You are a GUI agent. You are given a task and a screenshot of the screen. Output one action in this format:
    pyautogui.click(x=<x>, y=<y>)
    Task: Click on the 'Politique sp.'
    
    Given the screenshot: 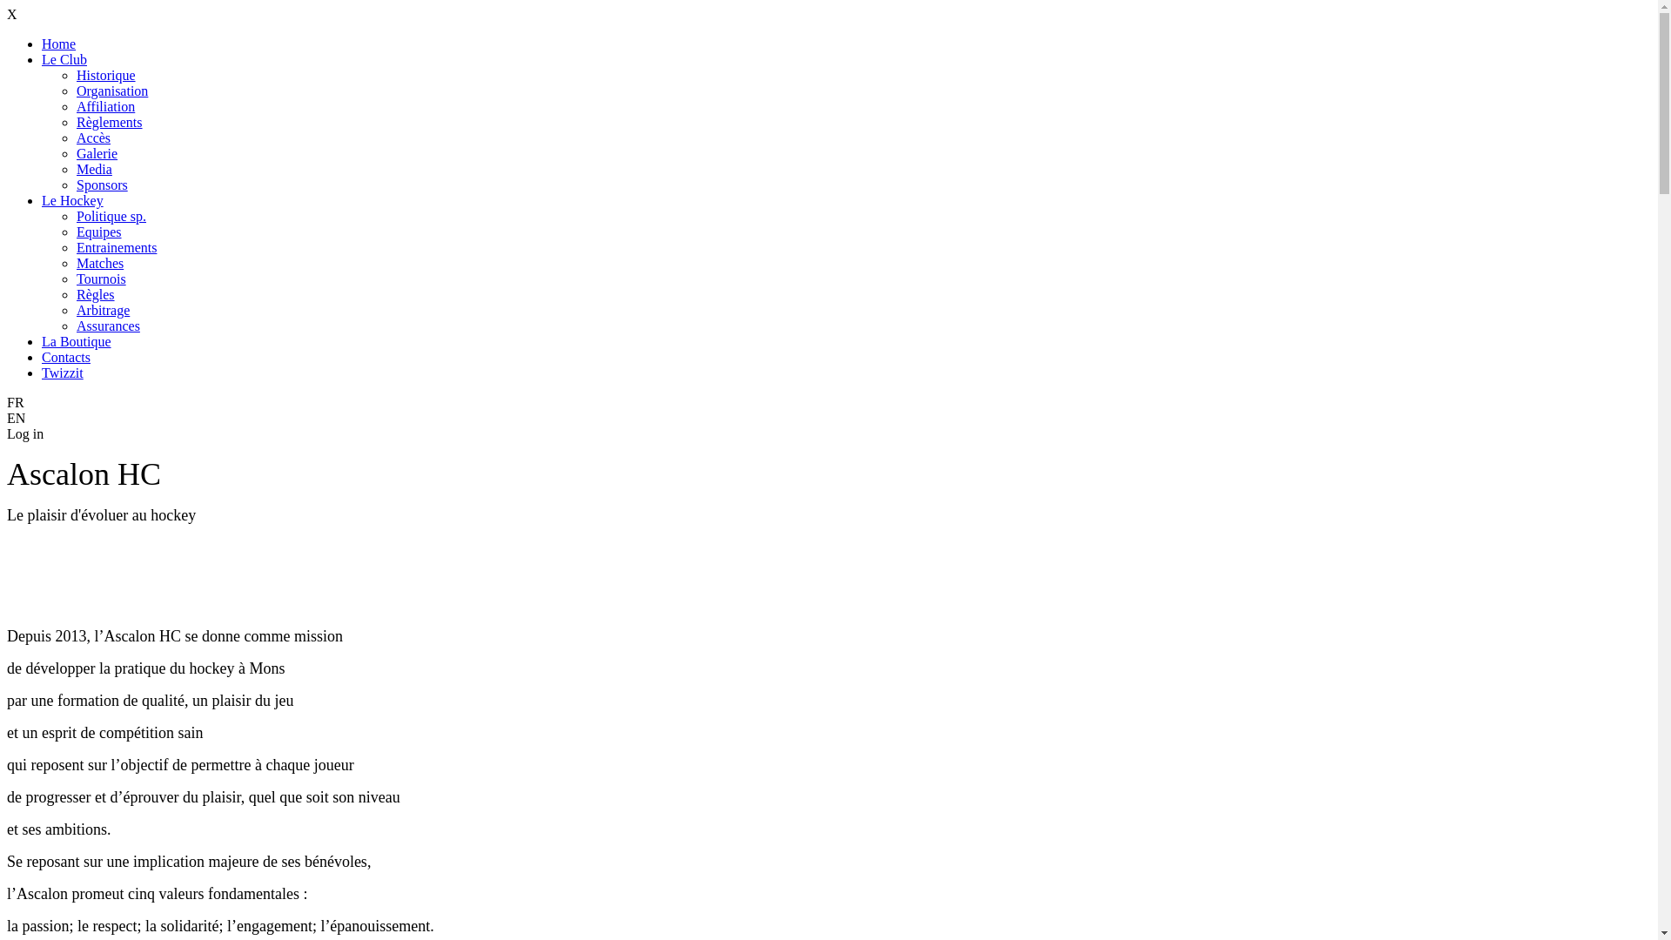 What is the action you would take?
    pyautogui.click(x=111, y=215)
    